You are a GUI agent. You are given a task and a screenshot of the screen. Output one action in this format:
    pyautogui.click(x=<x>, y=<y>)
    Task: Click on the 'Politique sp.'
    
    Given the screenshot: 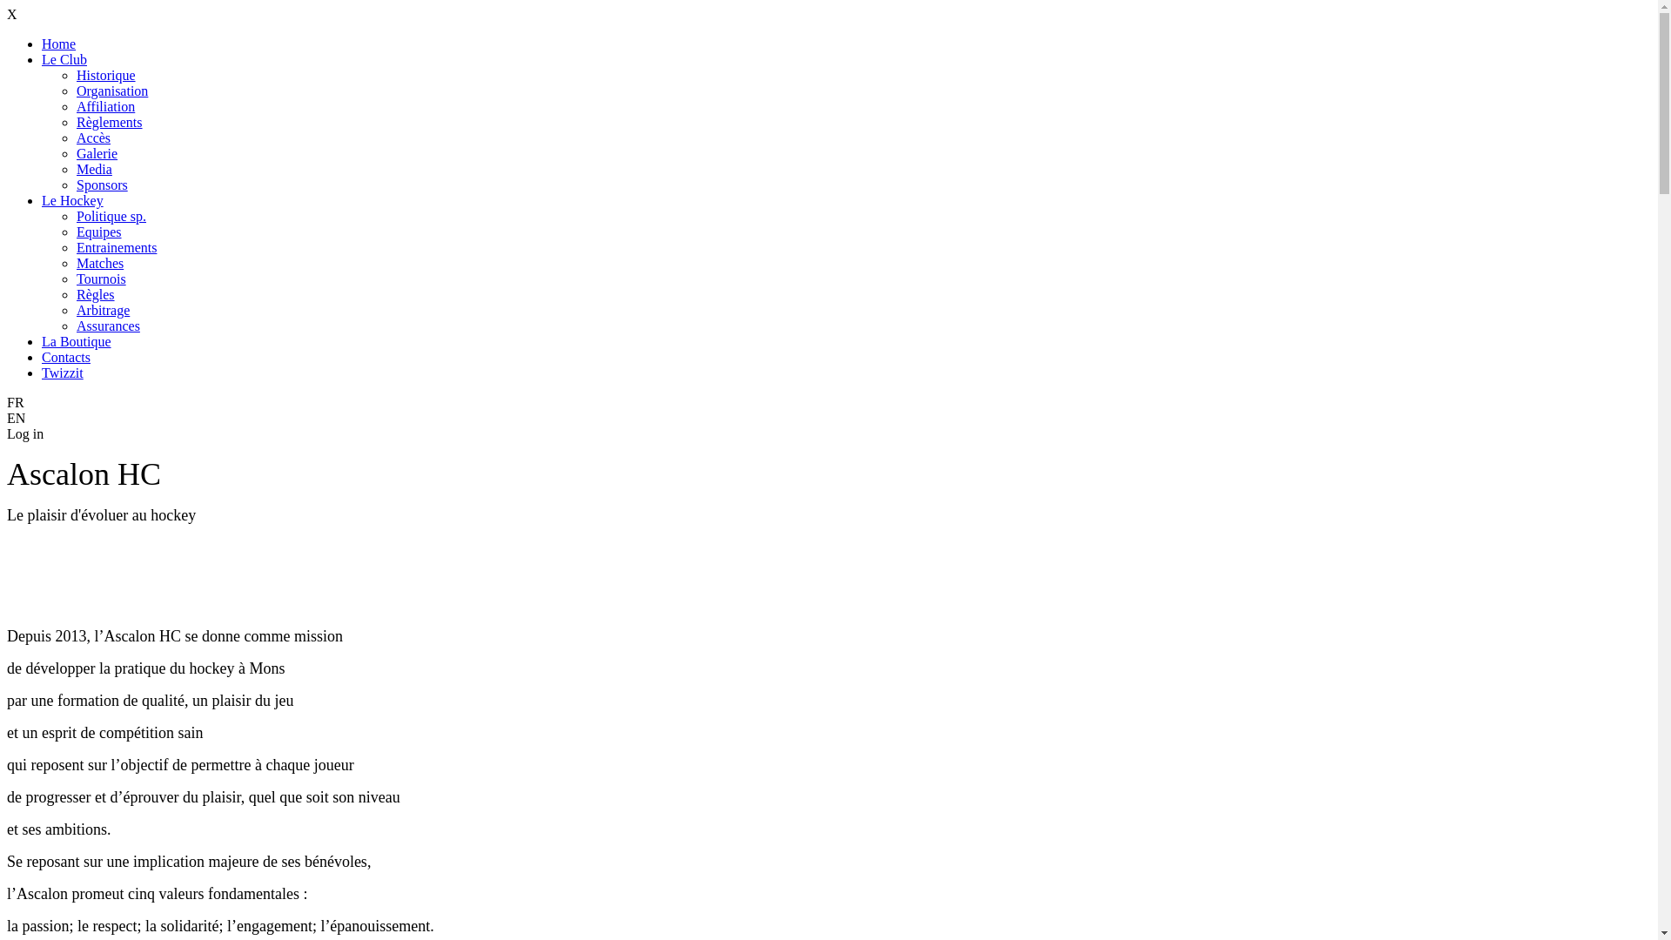 What is the action you would take?
    pyautogui.click(x=111, y=215)
    